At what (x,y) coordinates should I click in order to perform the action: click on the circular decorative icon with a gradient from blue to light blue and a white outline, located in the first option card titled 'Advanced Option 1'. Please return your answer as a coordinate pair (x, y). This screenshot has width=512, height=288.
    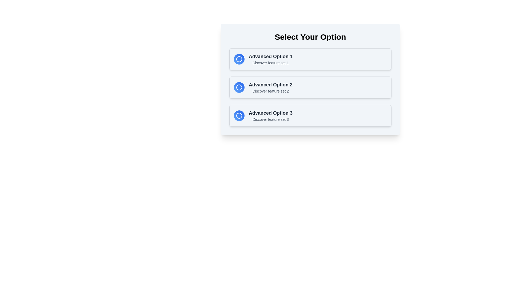
    Looking at the image, I should click on (239, 59).